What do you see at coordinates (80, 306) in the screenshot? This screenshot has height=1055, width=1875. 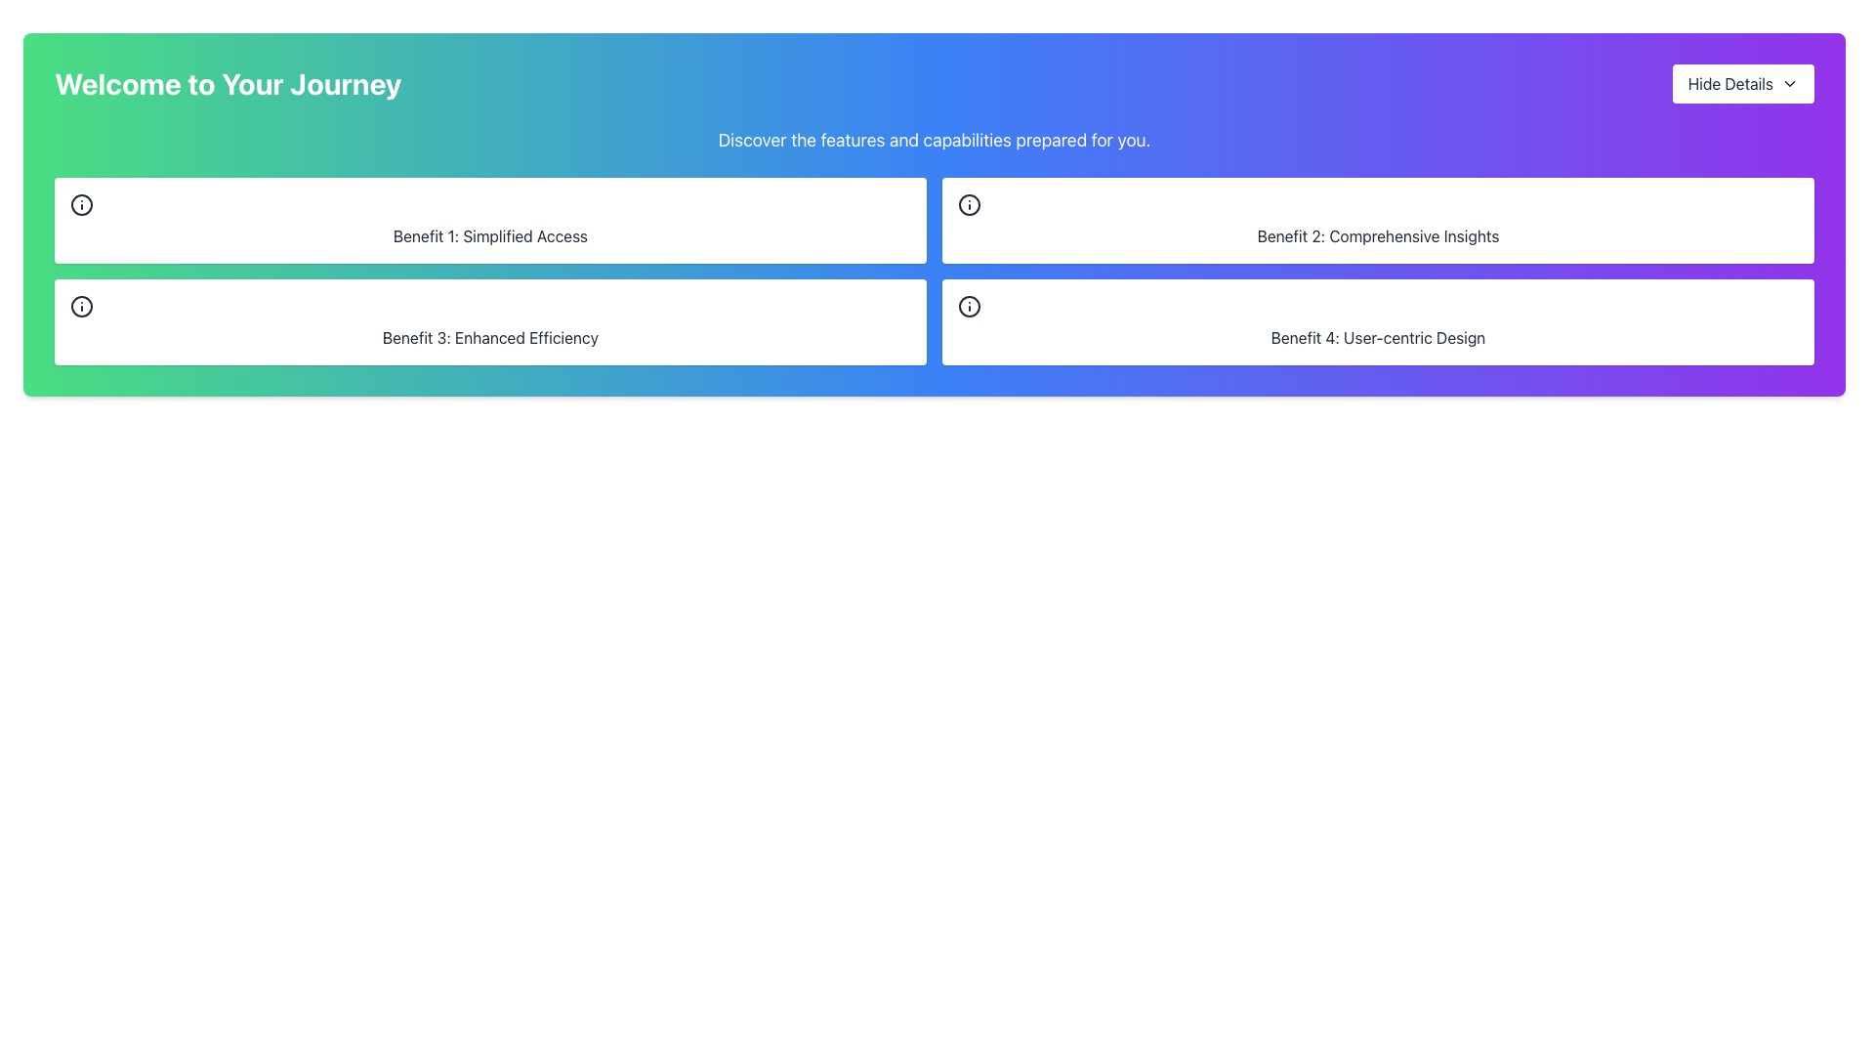 I see `the small circular icon with an outlined circle and a dot inside, located in the center-left of the card labeled 'Benefit 3: Enhanced Efficiency'` at bounding box center [80, 306].